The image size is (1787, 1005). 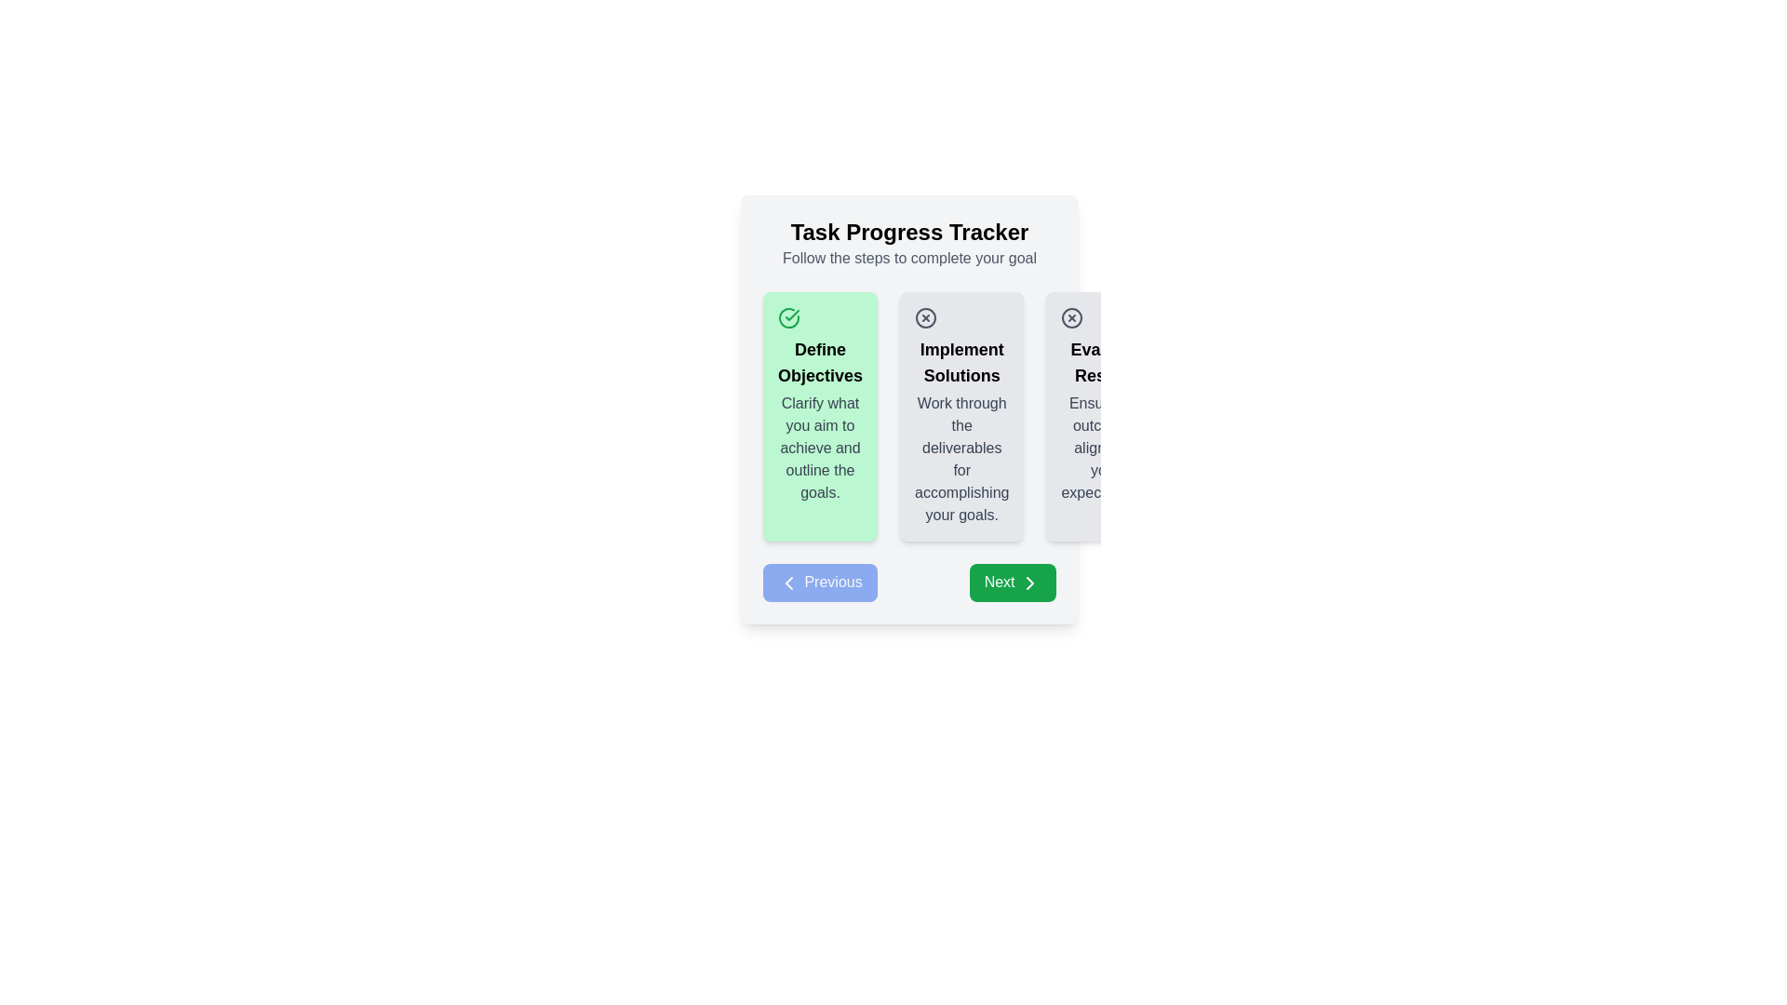 What do you see at coordinates (926, 317) in the screenshot?
I see `the status icon located at the top-center of the 'Implement Solutions' card, which indicates the action or progress state` at bounding box center [926, 317].